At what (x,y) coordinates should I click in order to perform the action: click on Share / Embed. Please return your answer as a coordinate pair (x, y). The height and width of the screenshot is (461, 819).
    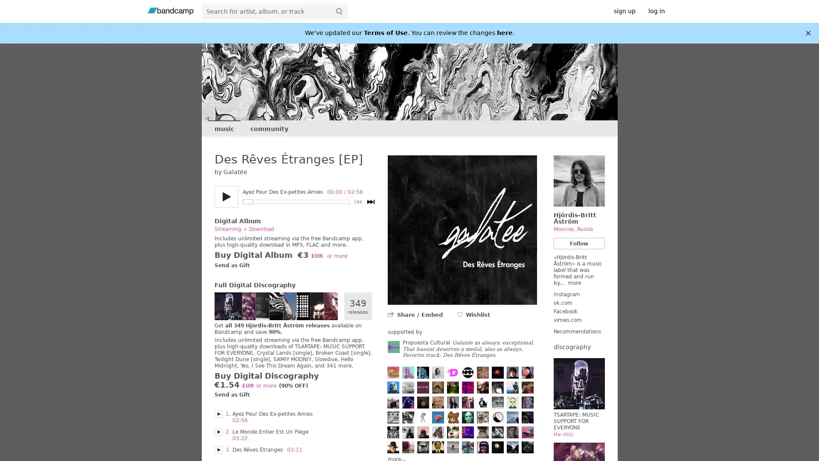
    Looking at the image, I should click on (419, 315).